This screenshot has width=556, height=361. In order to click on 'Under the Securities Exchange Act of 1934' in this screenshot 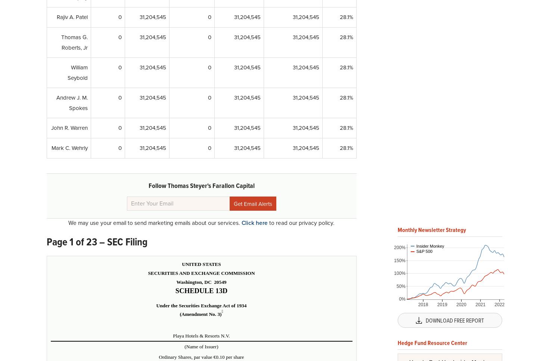, I will do `click(201, 305)`.